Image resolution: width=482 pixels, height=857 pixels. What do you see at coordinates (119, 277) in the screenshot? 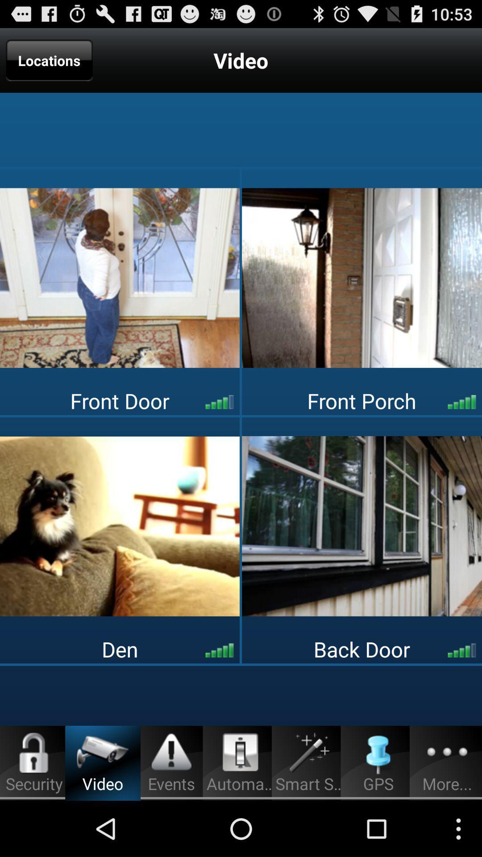
I see `switch to front door view` at bounding box center [119, 277].